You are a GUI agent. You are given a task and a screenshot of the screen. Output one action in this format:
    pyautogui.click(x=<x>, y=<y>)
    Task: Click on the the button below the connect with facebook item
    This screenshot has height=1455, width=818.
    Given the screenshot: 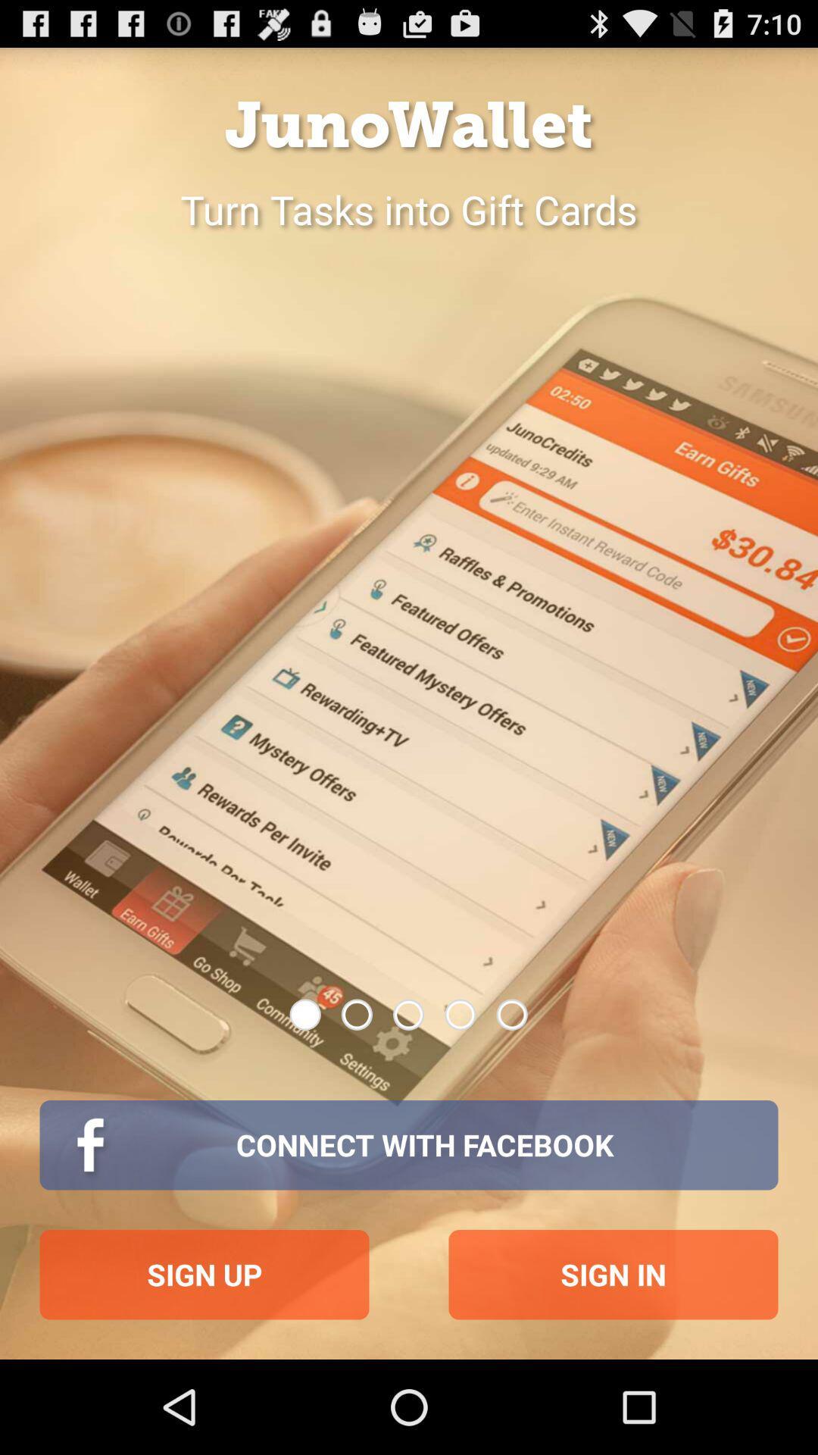 What is the action you would take?
    pyautogui.click(x=613, y=1274)
    